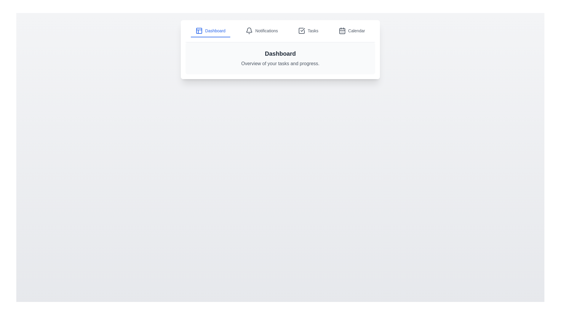  Describe the element at coordinates (210, 31) in the screenshot. I see `the tab labeled Dashboard` at that location.